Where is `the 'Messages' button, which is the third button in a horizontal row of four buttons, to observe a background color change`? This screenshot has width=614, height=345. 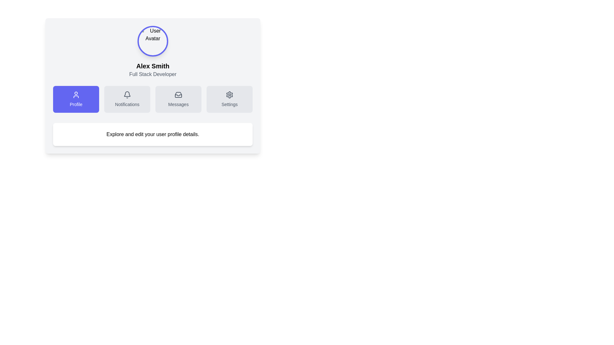 the 'Messages' button, which is the third button in a horizontal row of four buttons, to observe a background color change is located at coordinates (178, 99).